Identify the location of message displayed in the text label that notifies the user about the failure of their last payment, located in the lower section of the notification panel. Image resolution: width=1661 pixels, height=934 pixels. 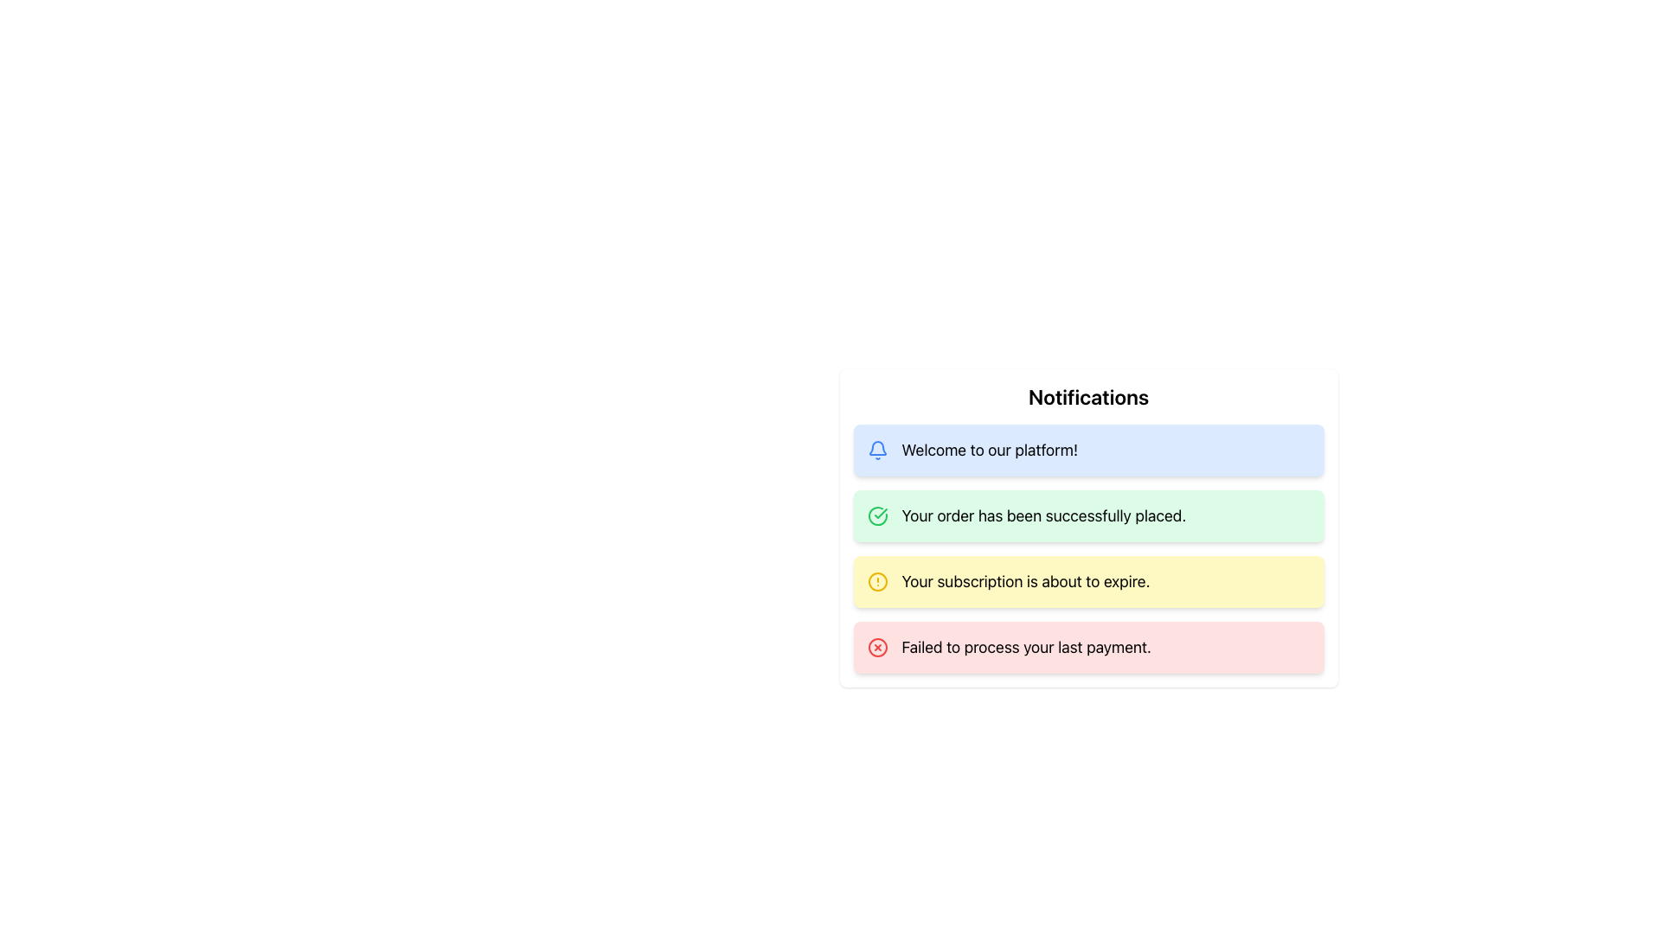
(1026, 647).